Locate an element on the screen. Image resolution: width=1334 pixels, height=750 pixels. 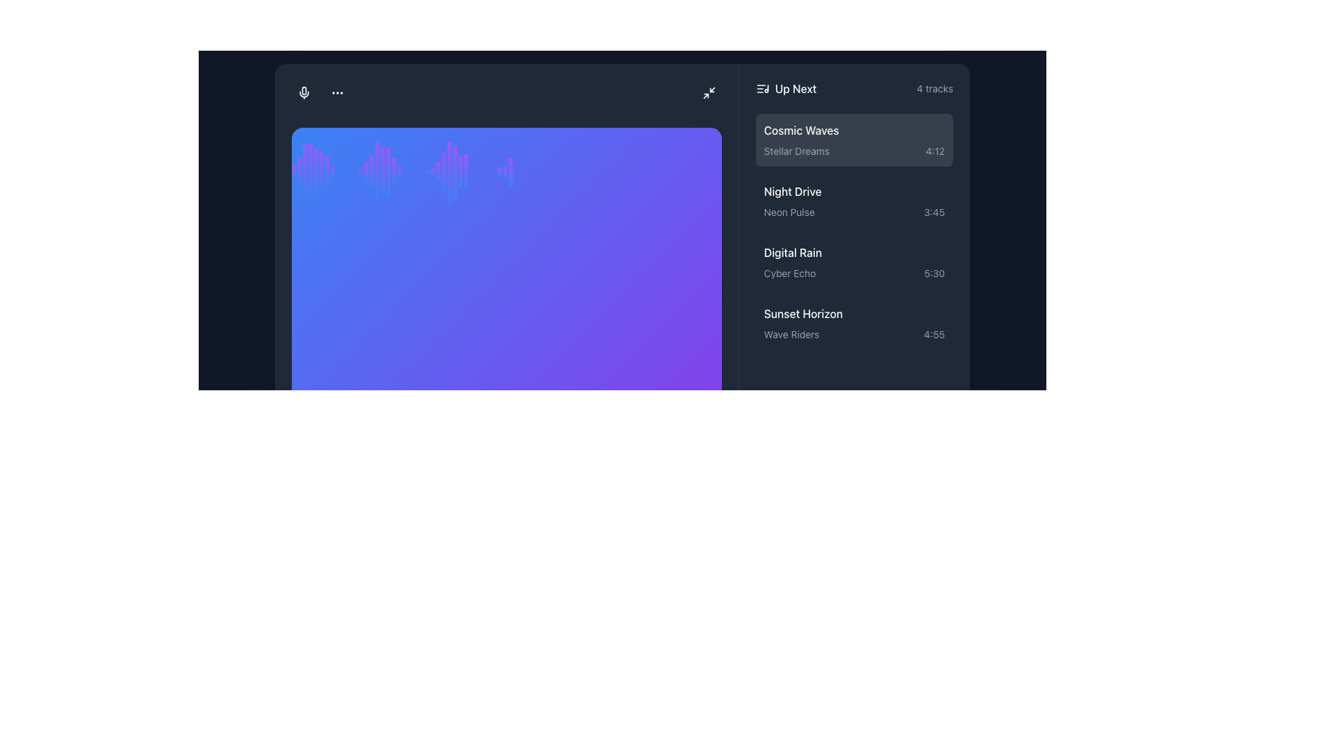
the third list item titled 'Digital Rain' with the subtitle 'Cyber Echo' is located at coordinates (853, 262).